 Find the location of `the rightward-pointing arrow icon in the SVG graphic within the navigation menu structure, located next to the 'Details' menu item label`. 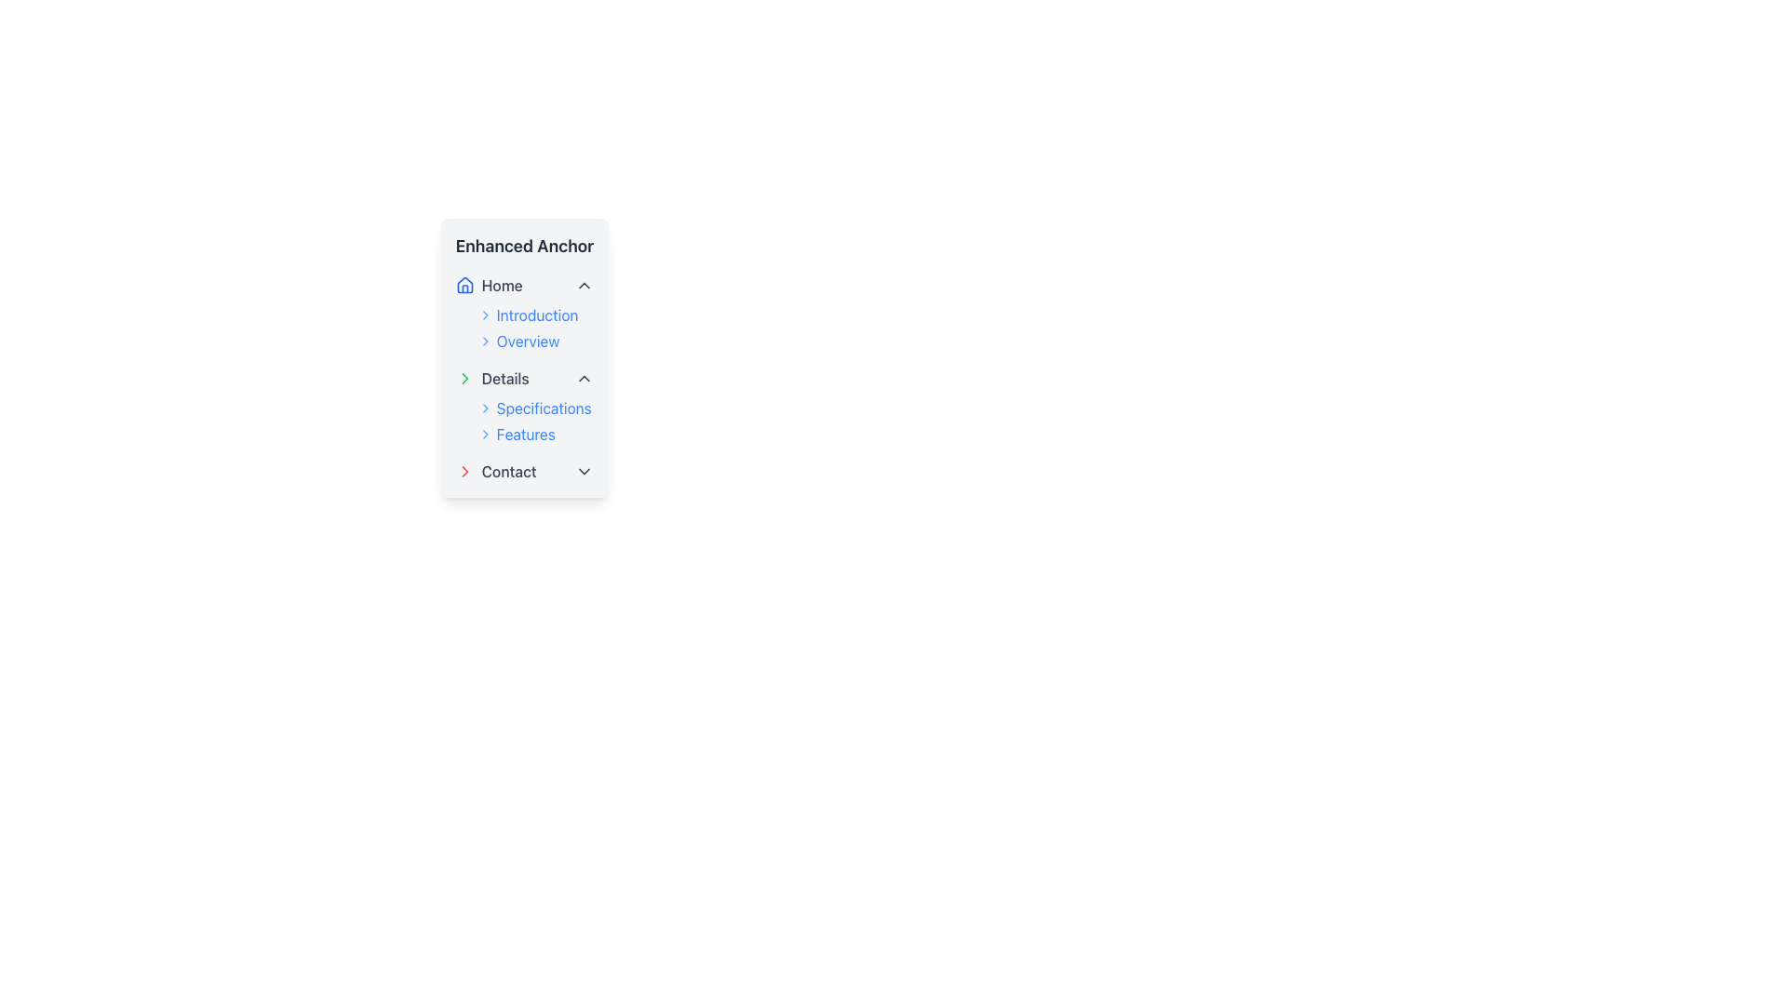

the rightward-pointing arrow icon in the SVG graphic within the navigation menu structure, located next to the 'Details' menu item label is located at coordinates (464, 378).